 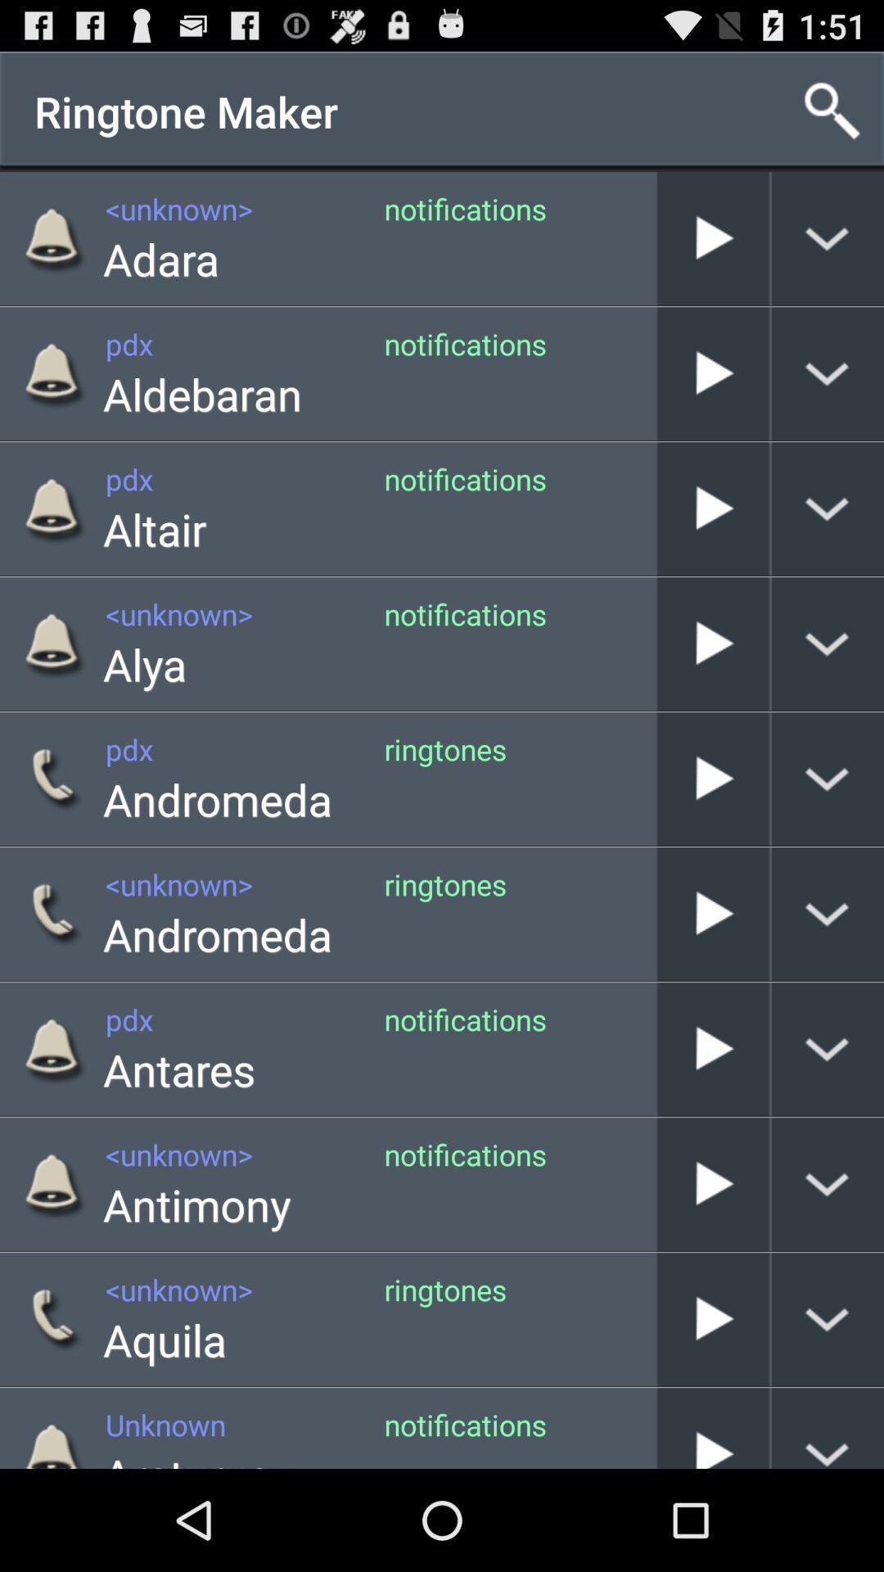 I want to click on alya, so click(x=712, y=643).